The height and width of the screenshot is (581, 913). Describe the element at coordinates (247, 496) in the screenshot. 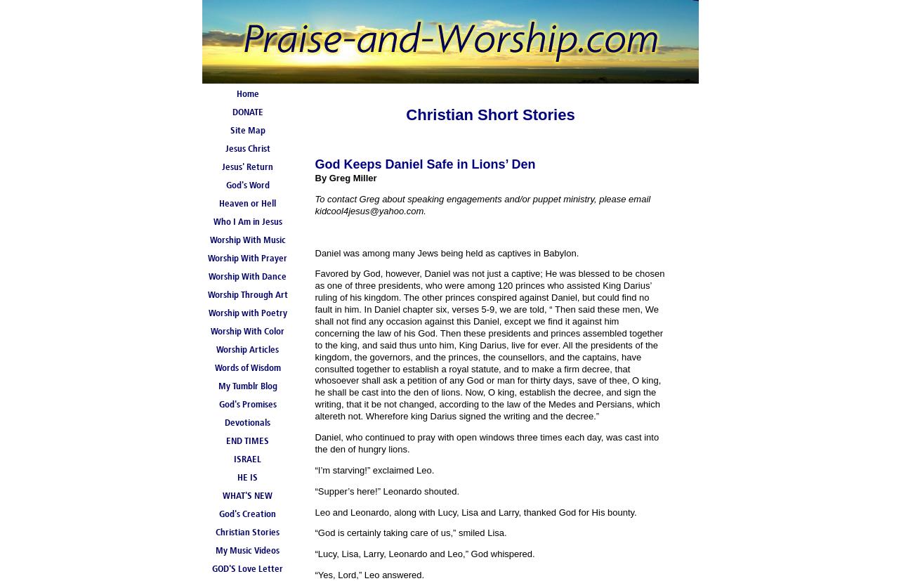

I see `'WHAT'S NEW'` at that location.